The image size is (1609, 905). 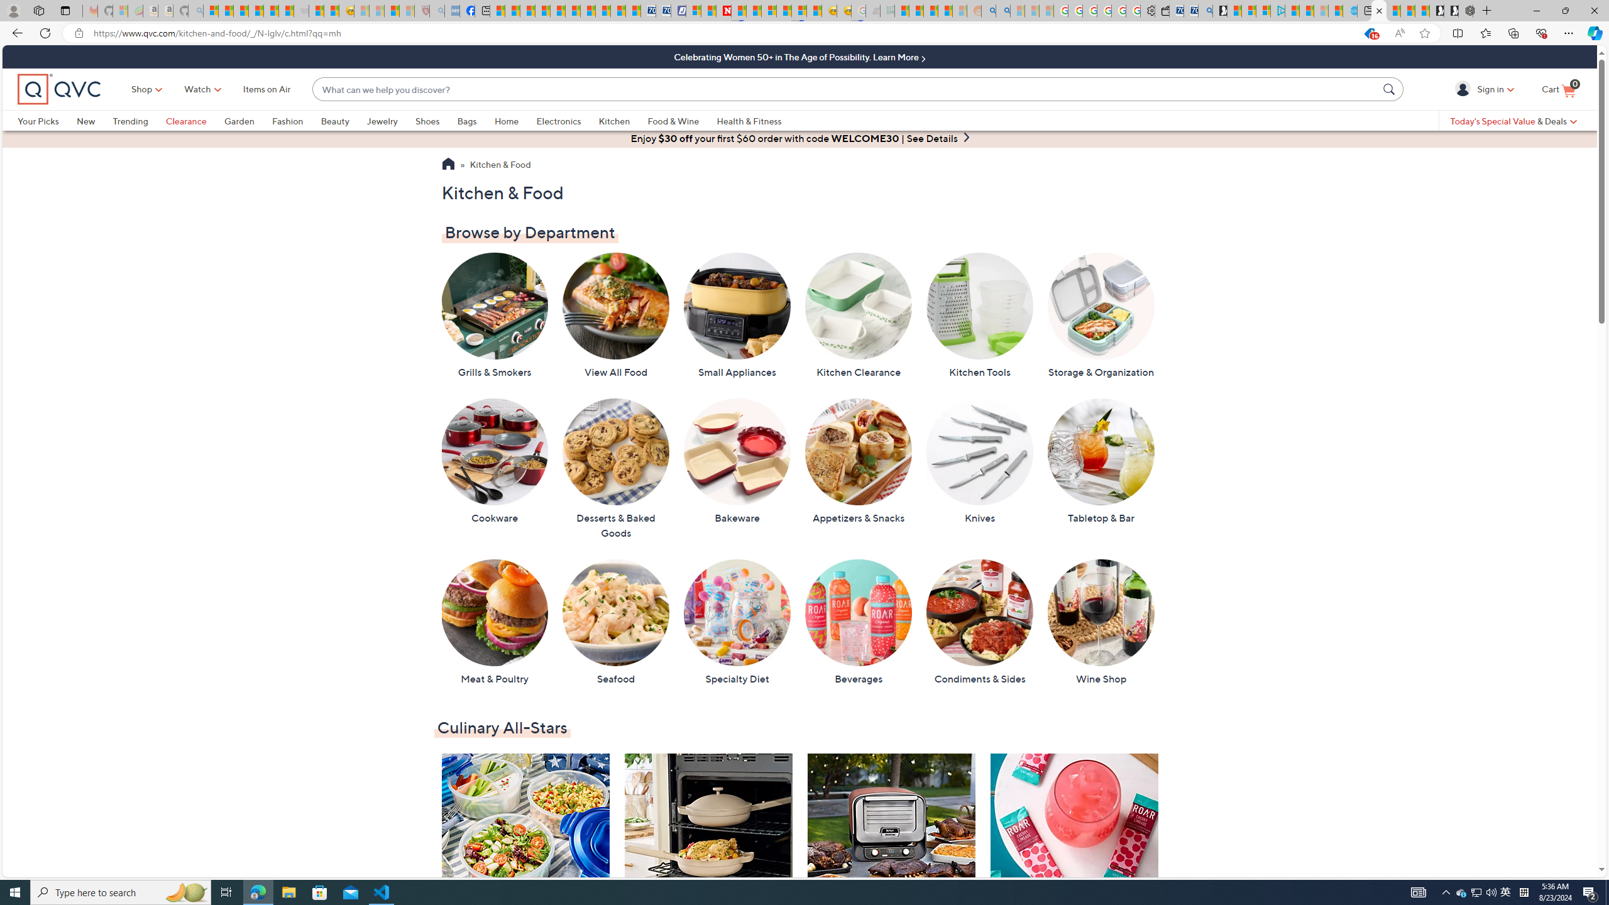 What do you see at coordinates (343, 120) in the screenshot?
I see `'Beauty'` at bounding box center [343, 120].